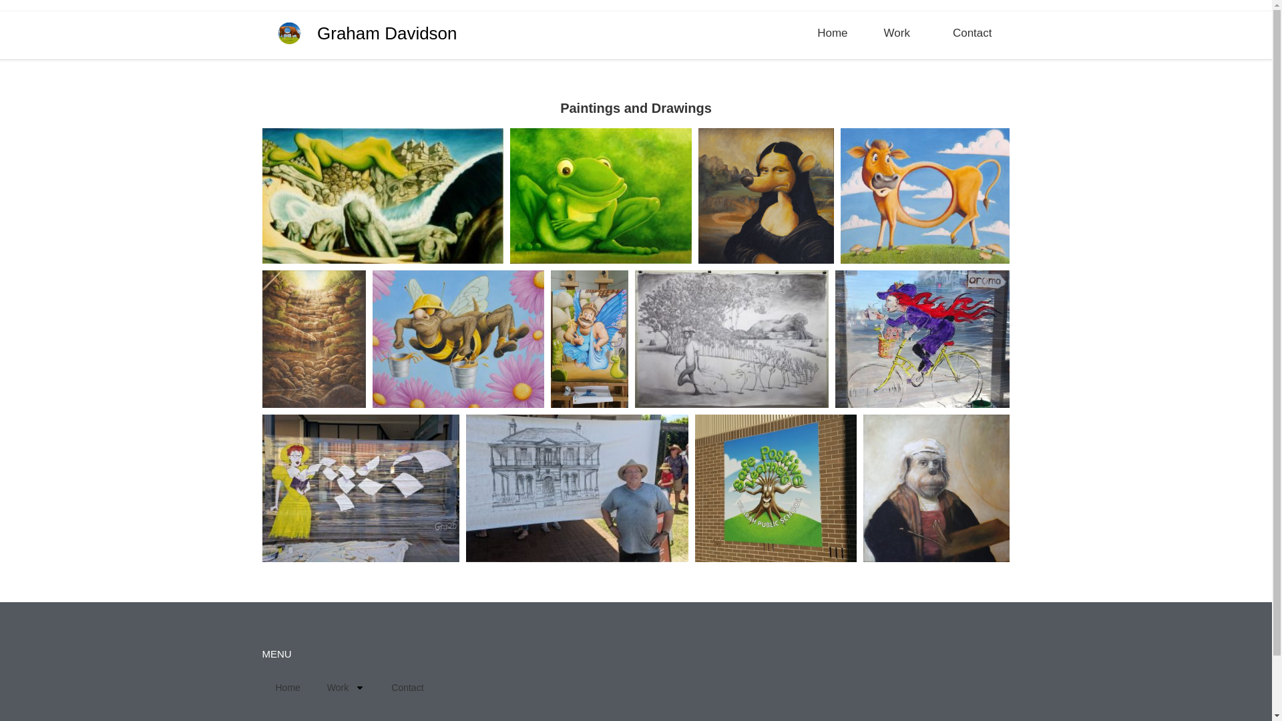 The height and width of the screenshot is (721, 1282). What do you see at coordinates (900, 33) in the screenshot?
I see `'Work'` at bounding box center [900, 33].